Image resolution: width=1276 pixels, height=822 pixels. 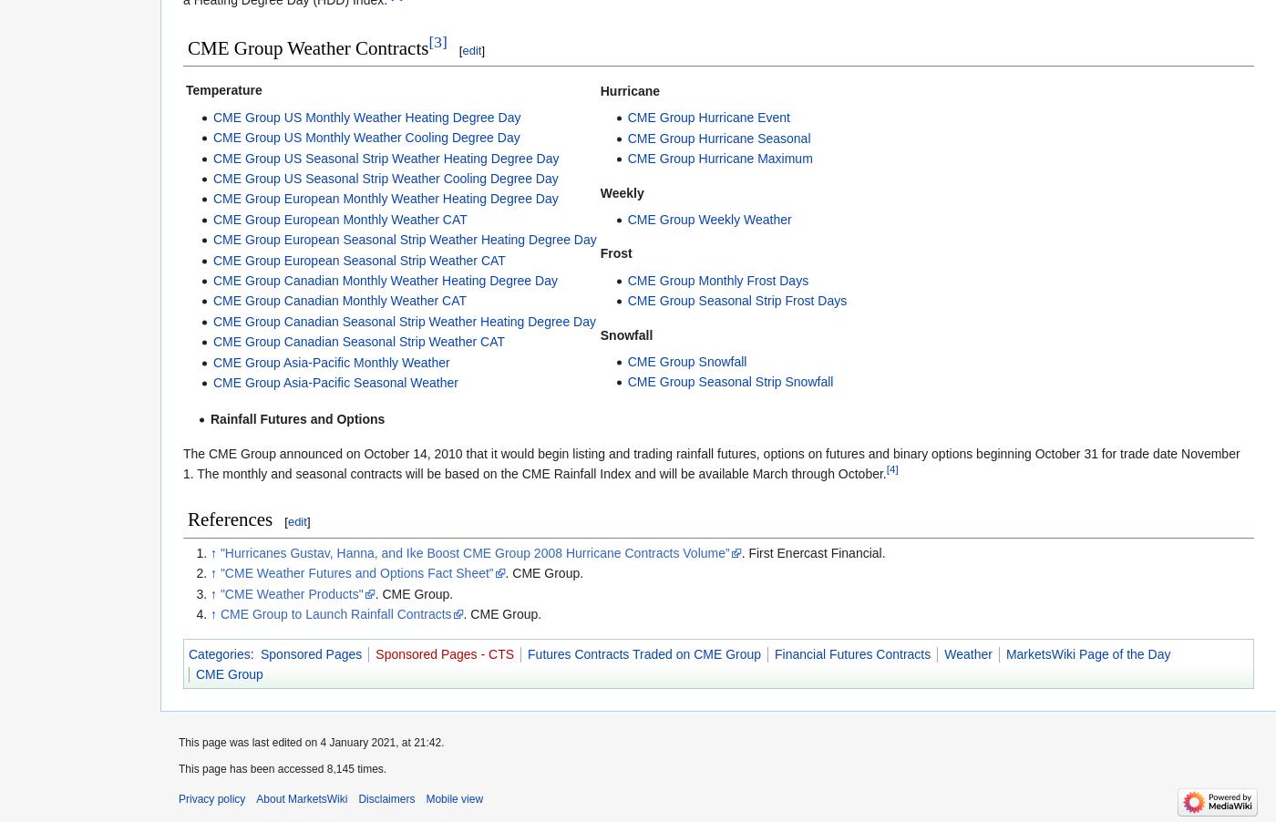 What do you see at coordinates (474, 551) in the screenshot?
I see `'"Hurricanes Gustav, Hanna, and Ike Boost CME Group 2008 Hurricane Contracts Volume”'` at bounding box center [474, 551].